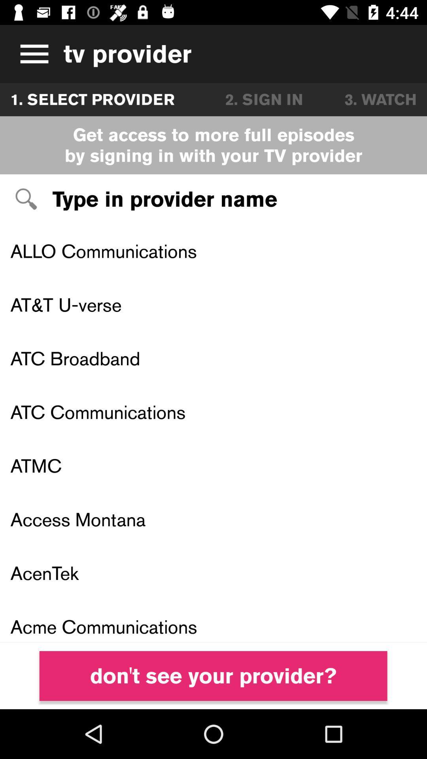 The height and width of the screenshot is (759, 427). What do you see at coordinates (213, 358) in the screenshot?
I see `item below at t u item` at bounding box center [213, 358].